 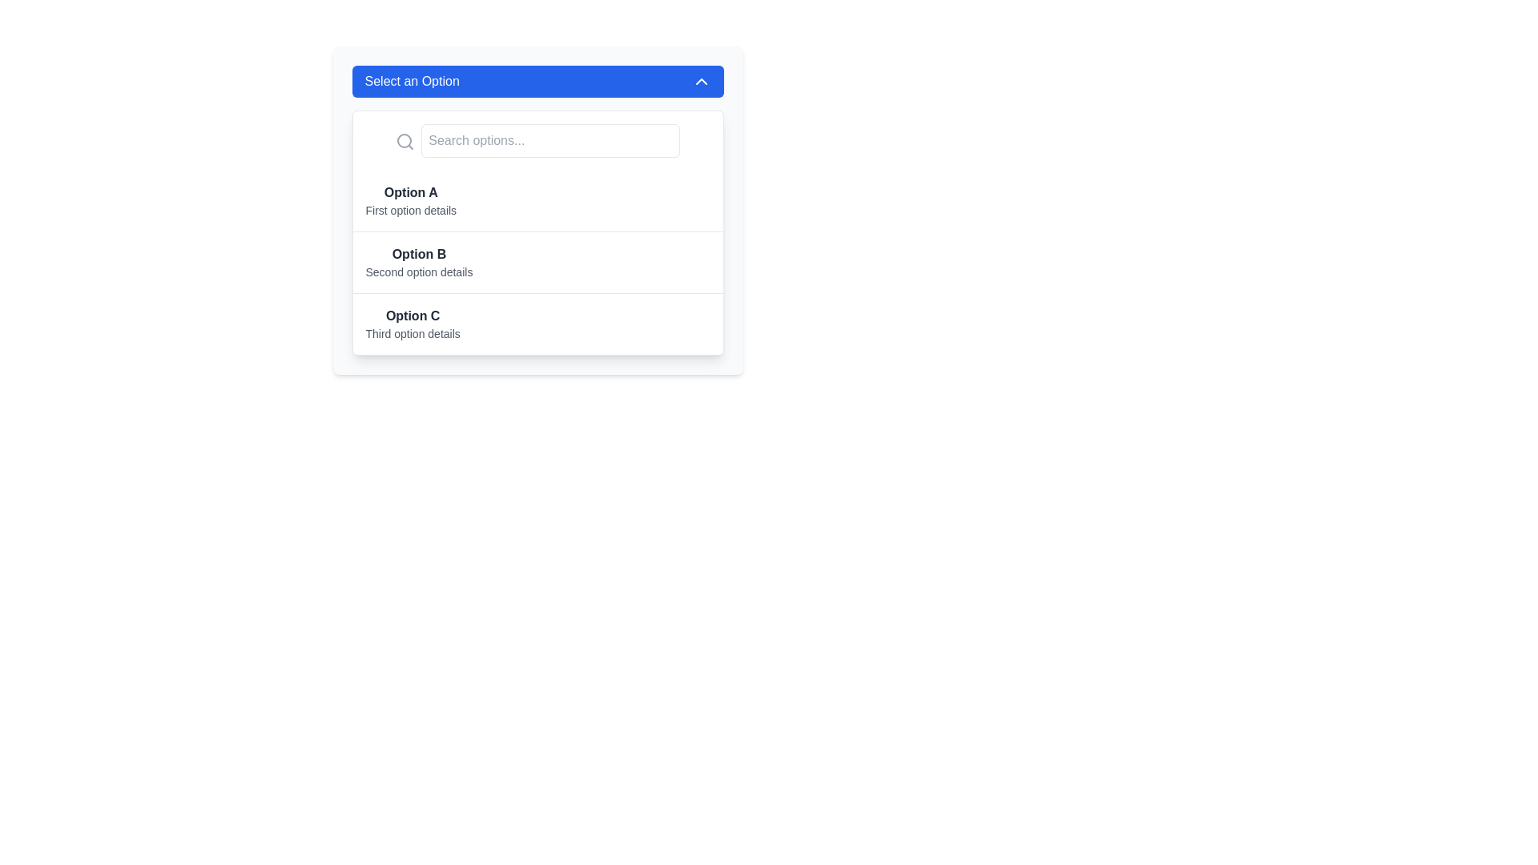 I want to click on the static text label providing additional information about the third option in the dropdown menu, located beneath 'Option C', so click(x=413, y=332).